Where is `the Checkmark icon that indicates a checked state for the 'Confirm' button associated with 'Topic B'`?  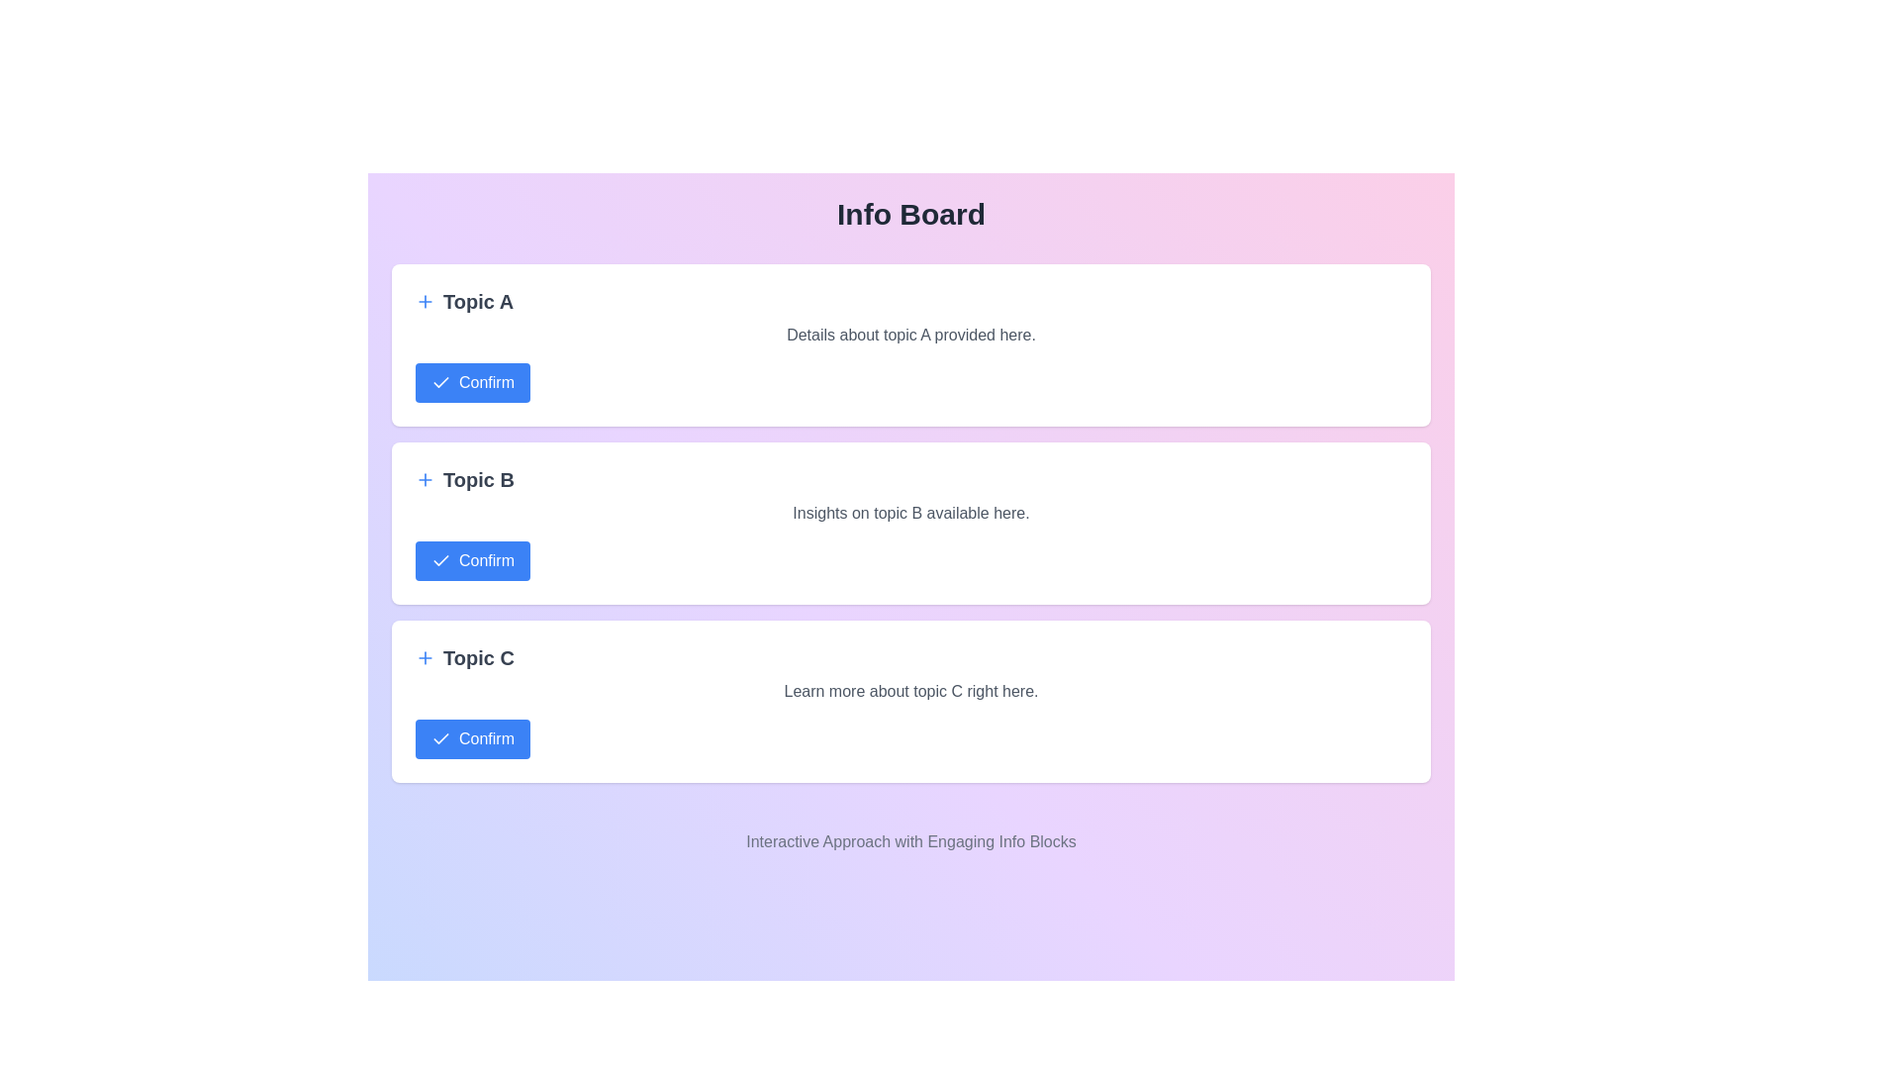
the Checkmark icon that indicates a checked state for the 'Confirm' button associated with 'Topic B' is located at coordinates (440, 381).